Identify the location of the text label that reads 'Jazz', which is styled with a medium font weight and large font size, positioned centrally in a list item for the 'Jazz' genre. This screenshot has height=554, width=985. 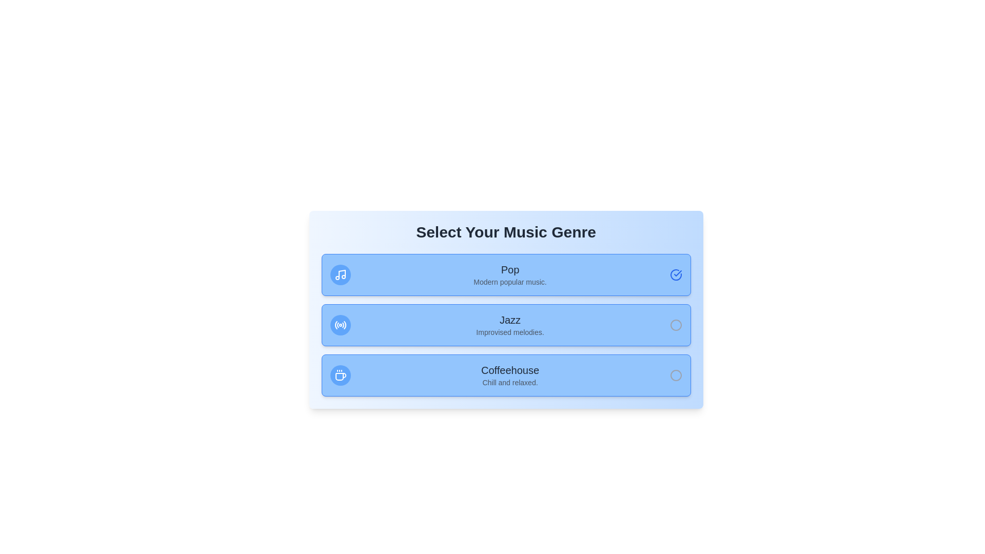
(510, 320).